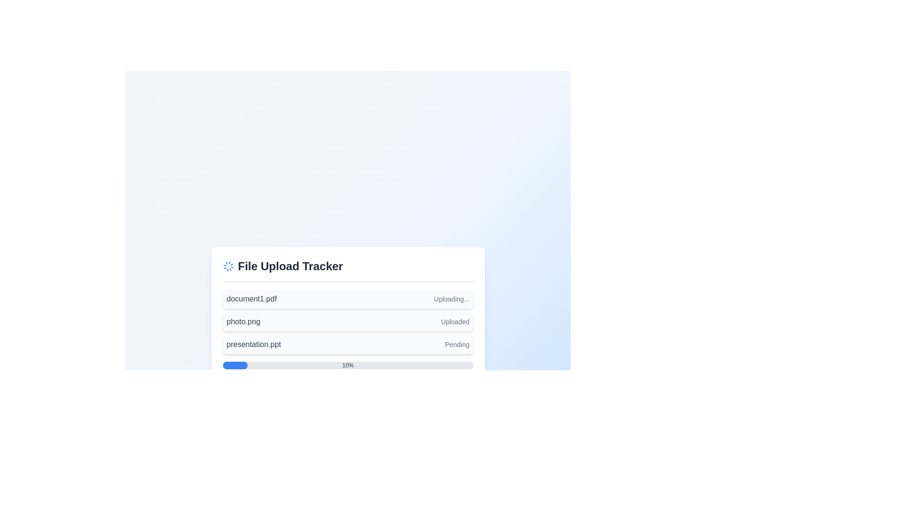  I want to click on the text label displaying 'presentation.ppt' which is styled in medium-weight font and dark gray color, located on the left side of the card, so click(253, 344).